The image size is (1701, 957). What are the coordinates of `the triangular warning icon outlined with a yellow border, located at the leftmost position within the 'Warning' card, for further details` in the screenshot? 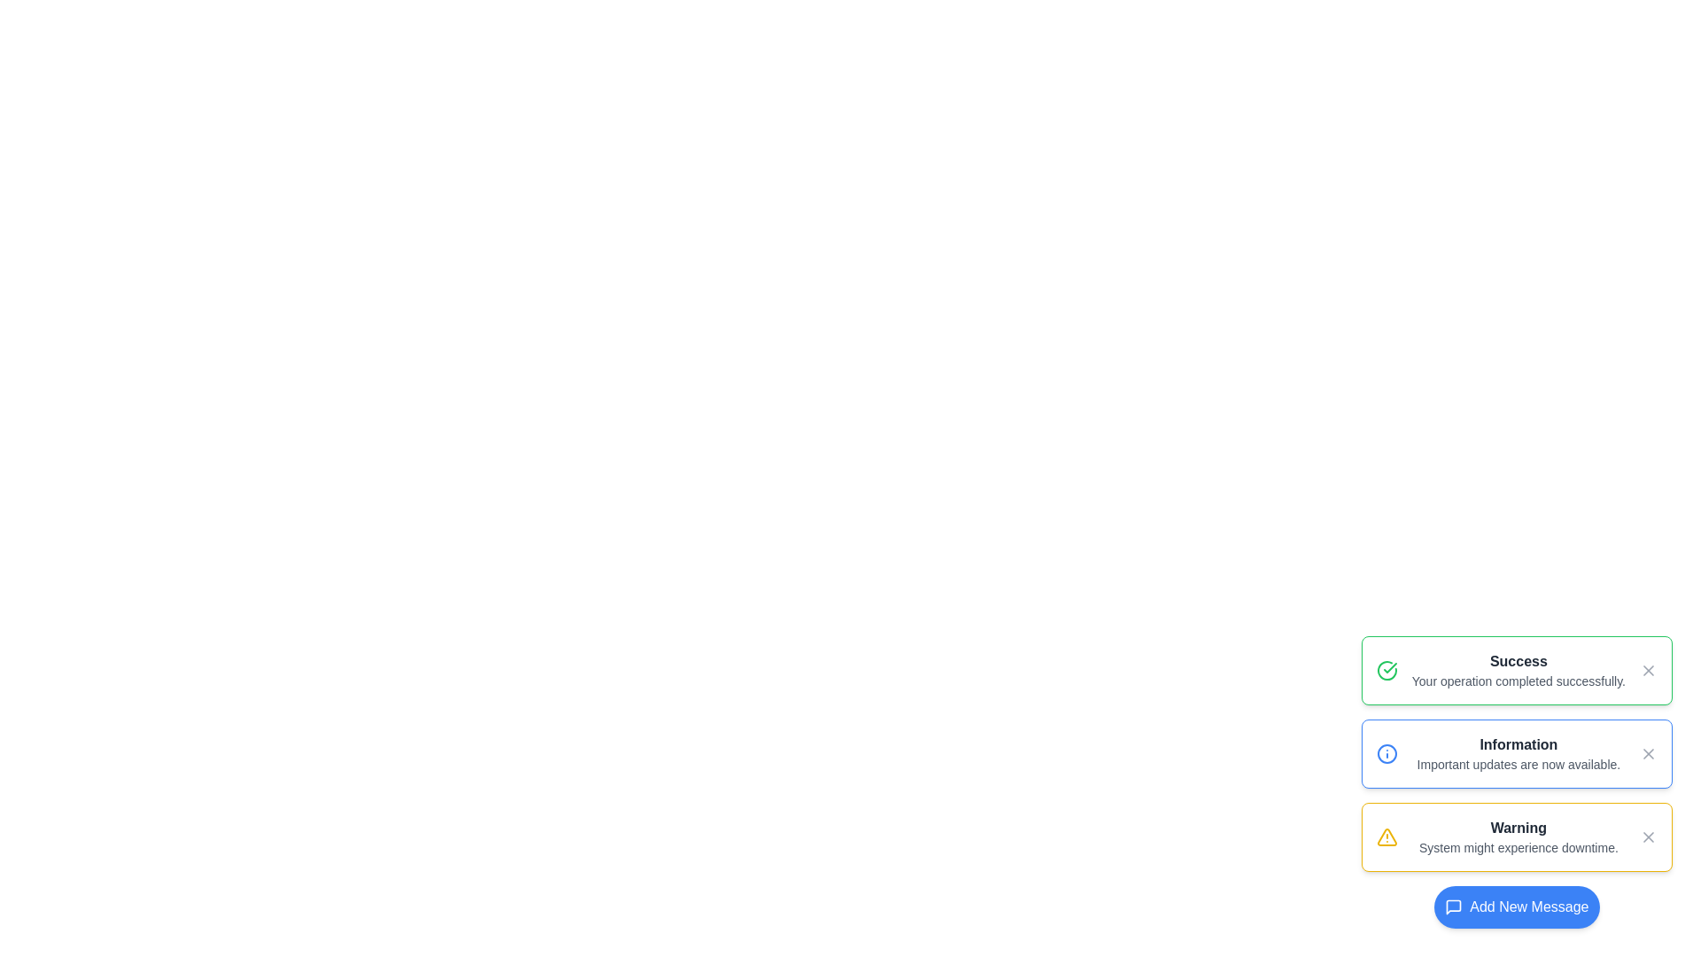 It's located at (1386, 837).